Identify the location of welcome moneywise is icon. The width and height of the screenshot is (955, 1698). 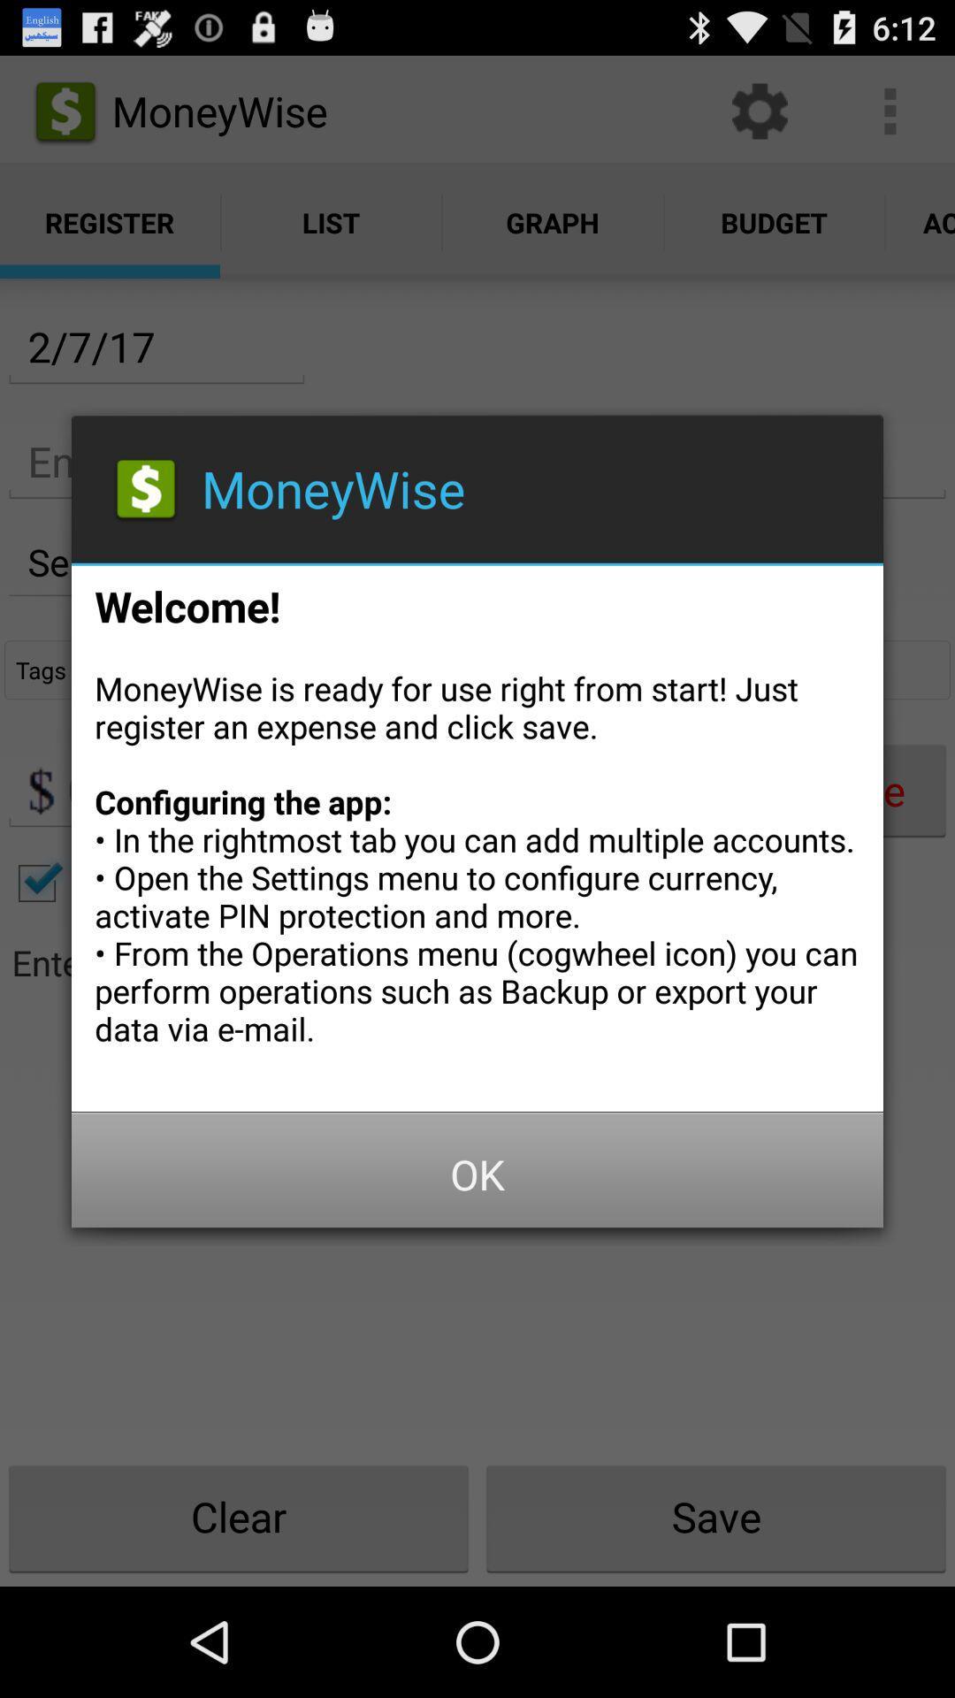
(477, 831).